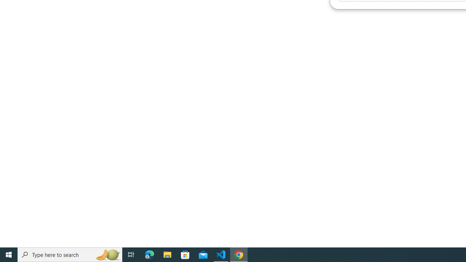  I want to click on 'Start', so click(9, 254).